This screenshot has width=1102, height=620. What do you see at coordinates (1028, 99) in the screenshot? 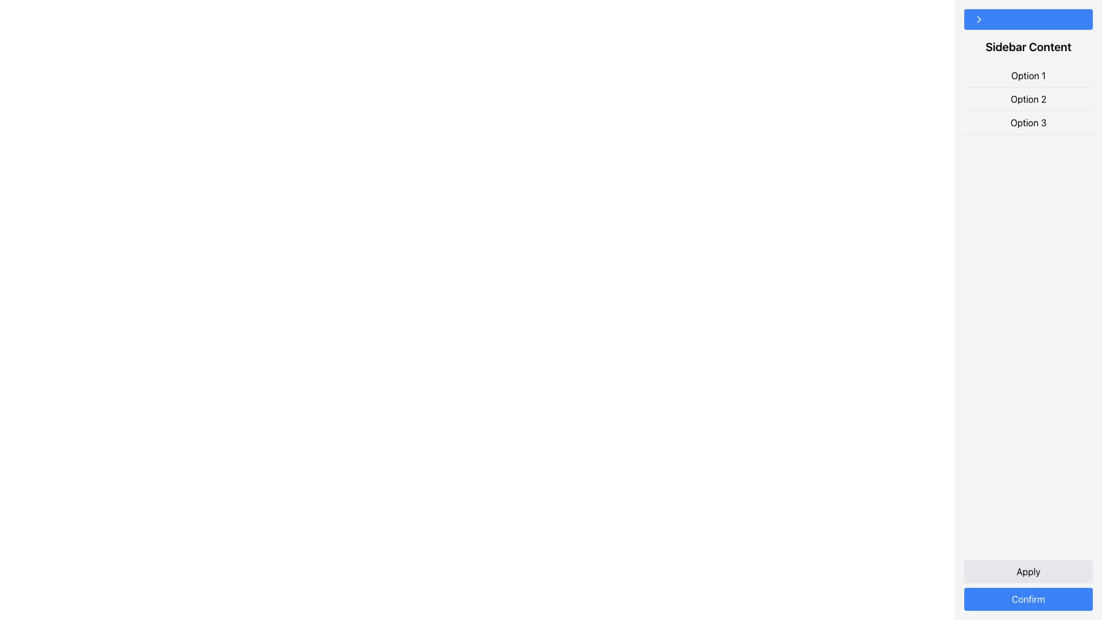
I see `the list of selectable options located` at bounding box center [1028, 99].